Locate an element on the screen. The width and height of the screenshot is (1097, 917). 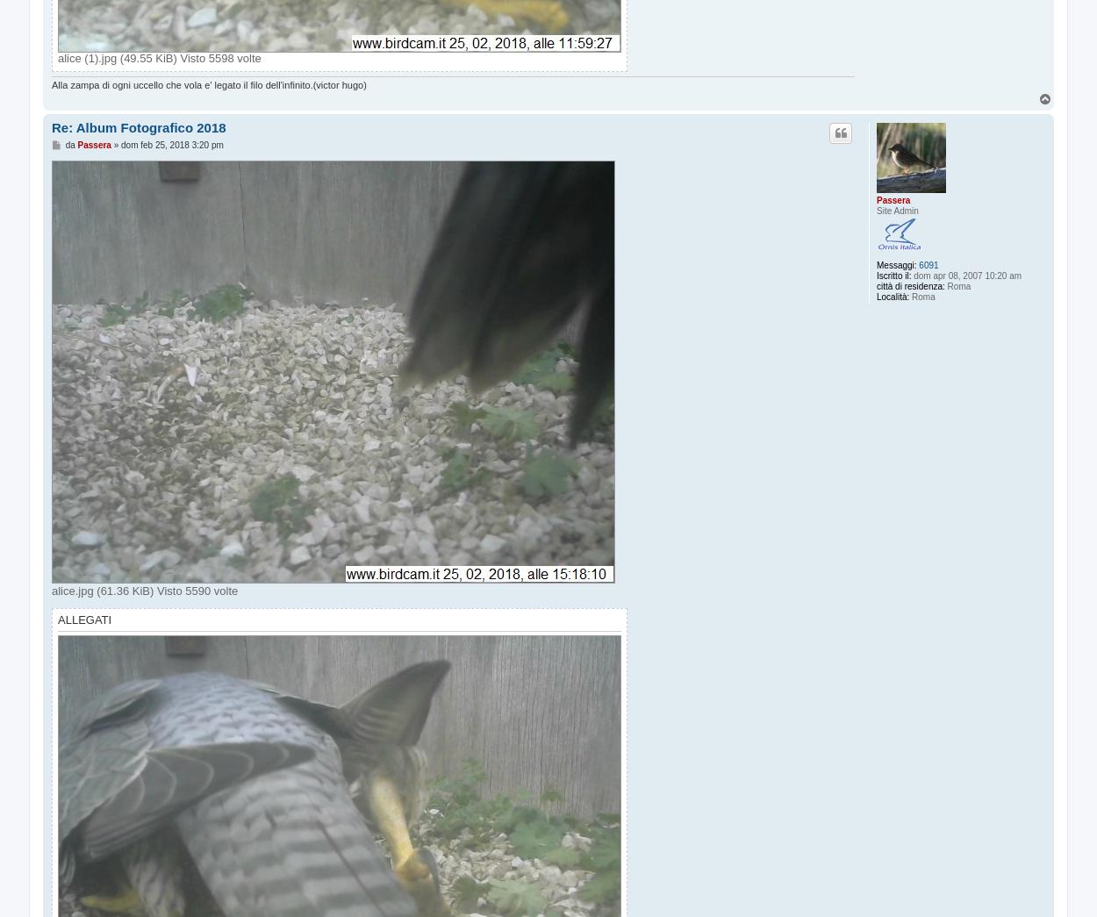
'6091' is located at coordinates (929, 264).